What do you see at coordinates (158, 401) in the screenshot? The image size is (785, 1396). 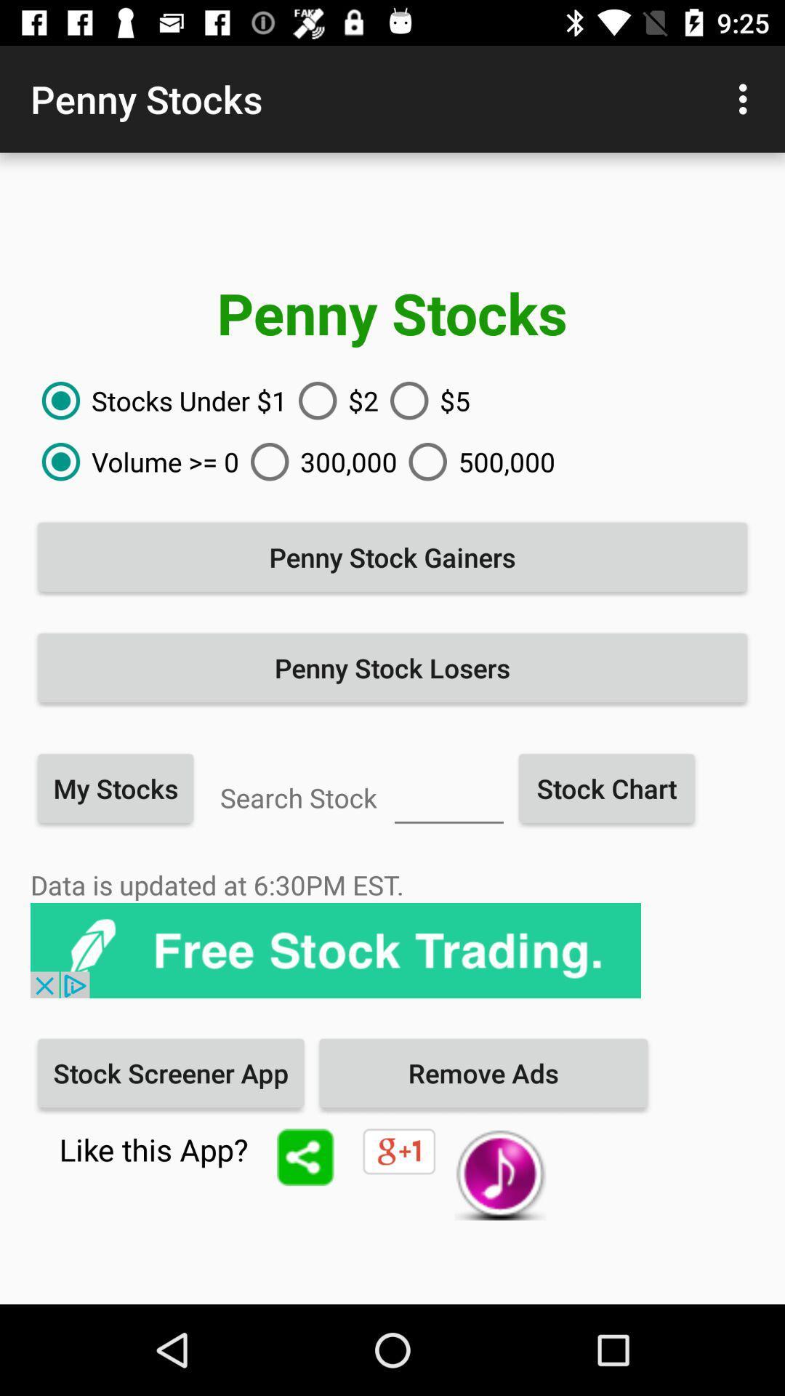 I see `the item next to $2 icon` at bounding box center [158, 401].